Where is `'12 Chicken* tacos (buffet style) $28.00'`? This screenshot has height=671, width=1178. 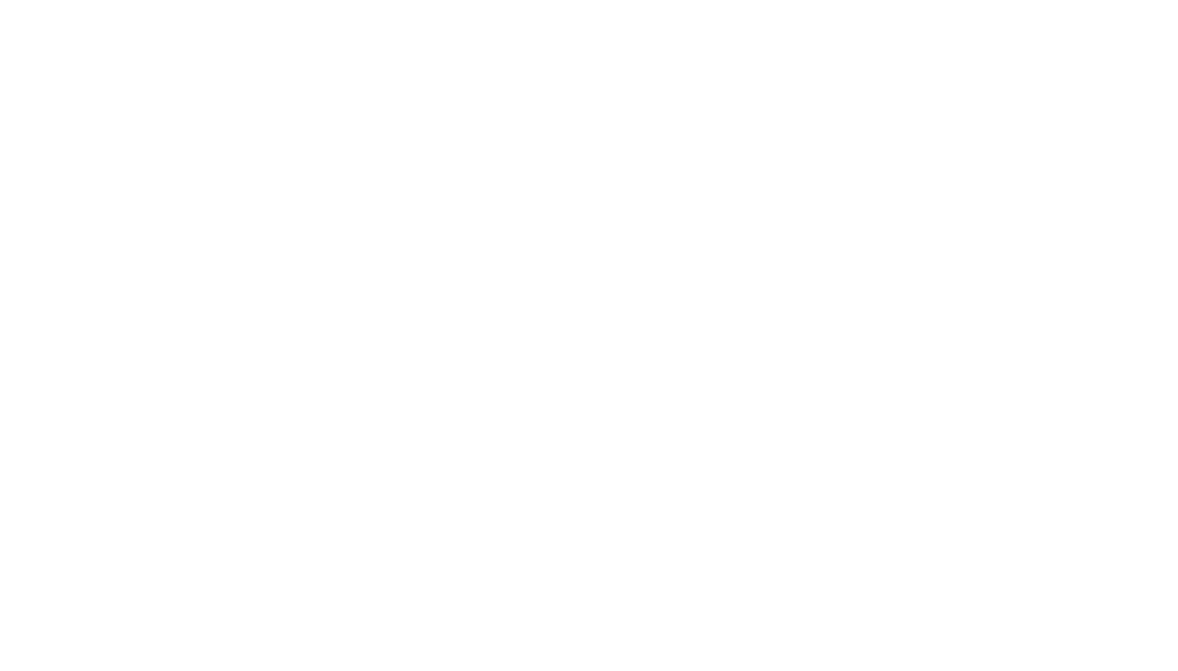 '12 Chicken* tacos (buffet style) $28.00' is located at coordinates (402, 119).